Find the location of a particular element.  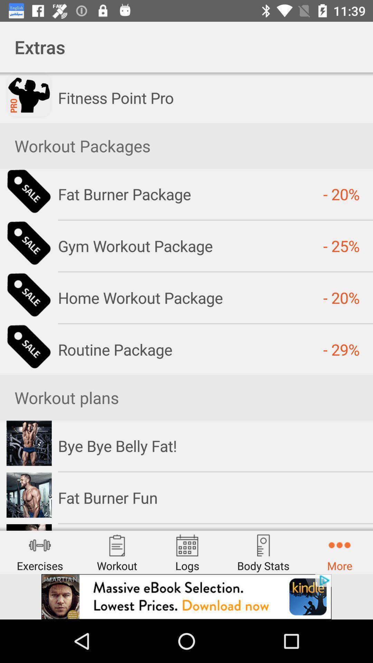

open advertisement is located at coordinates (186, 596).